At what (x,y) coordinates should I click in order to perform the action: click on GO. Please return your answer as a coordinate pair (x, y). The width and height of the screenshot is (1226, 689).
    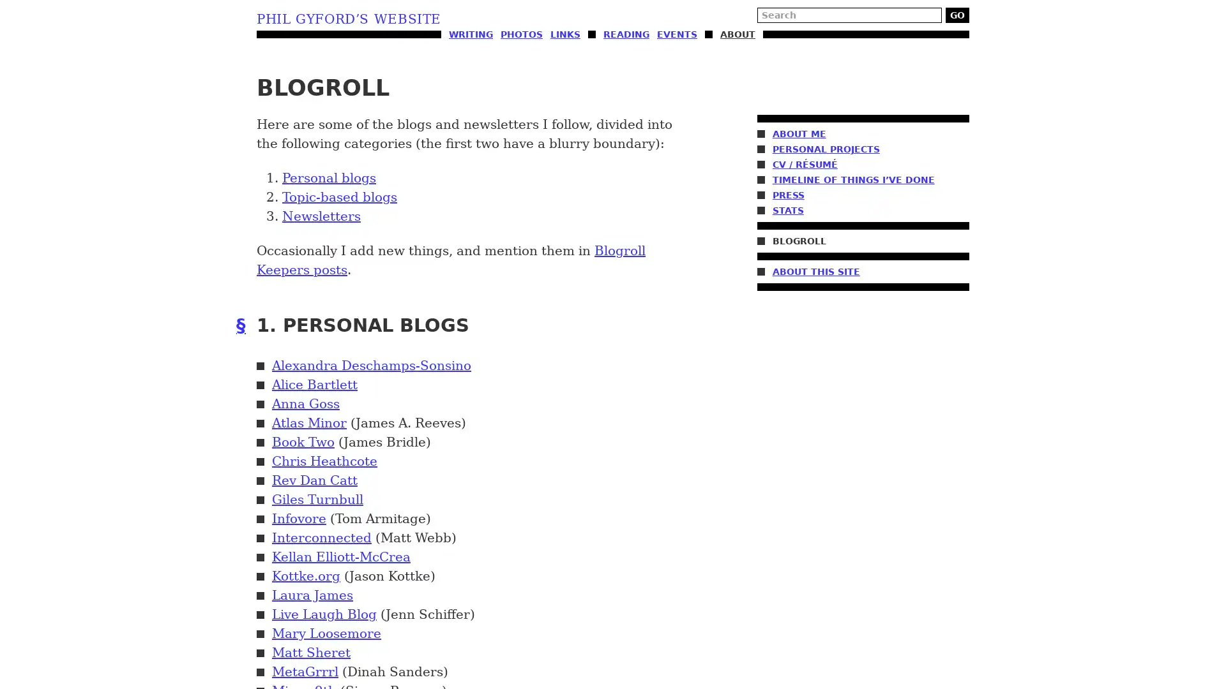
    Looking at the image, I should click on (957, 15).